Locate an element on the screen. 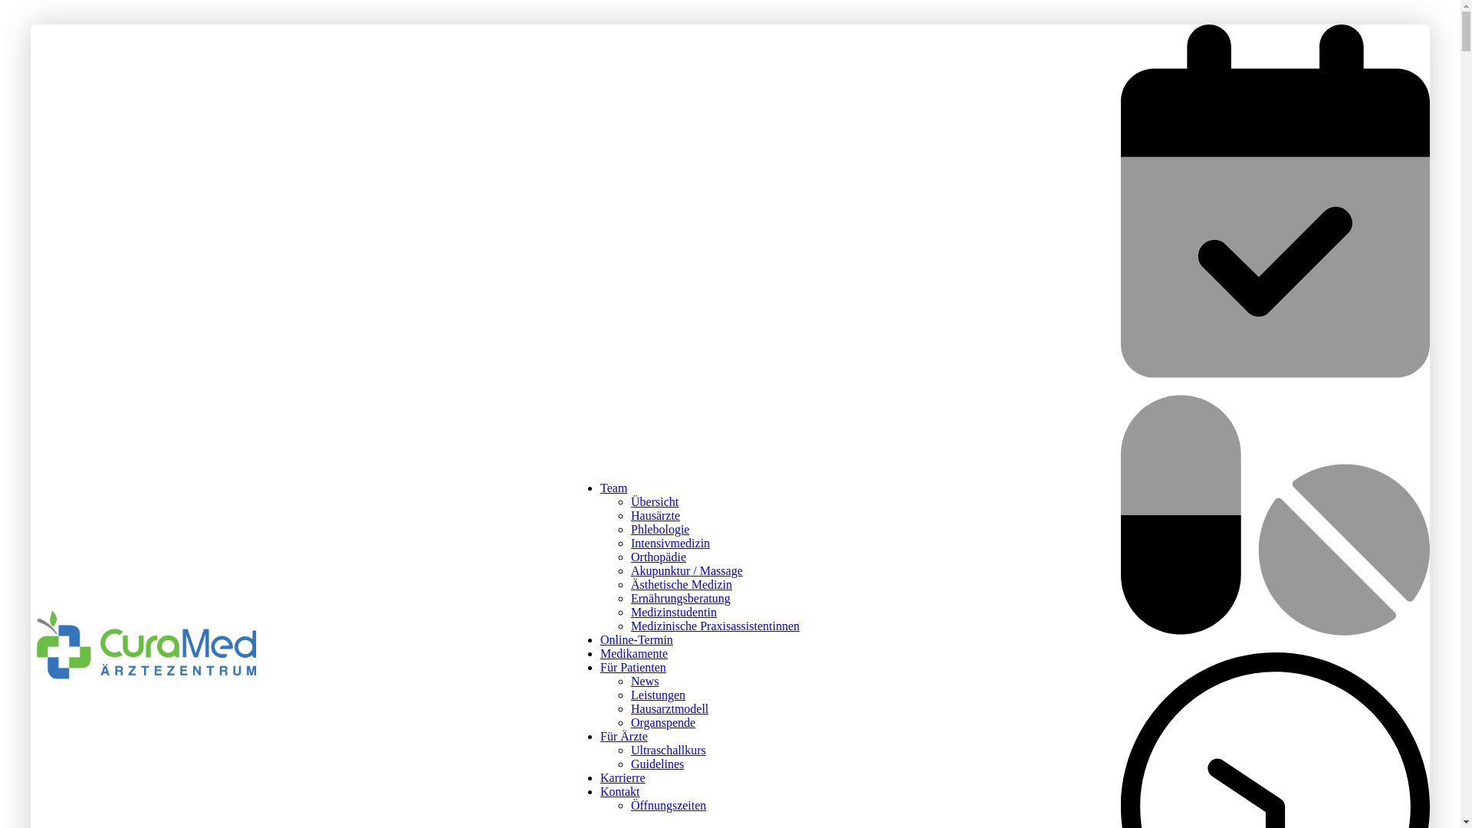  'Leistungen' is located at coordinates (658, 695).